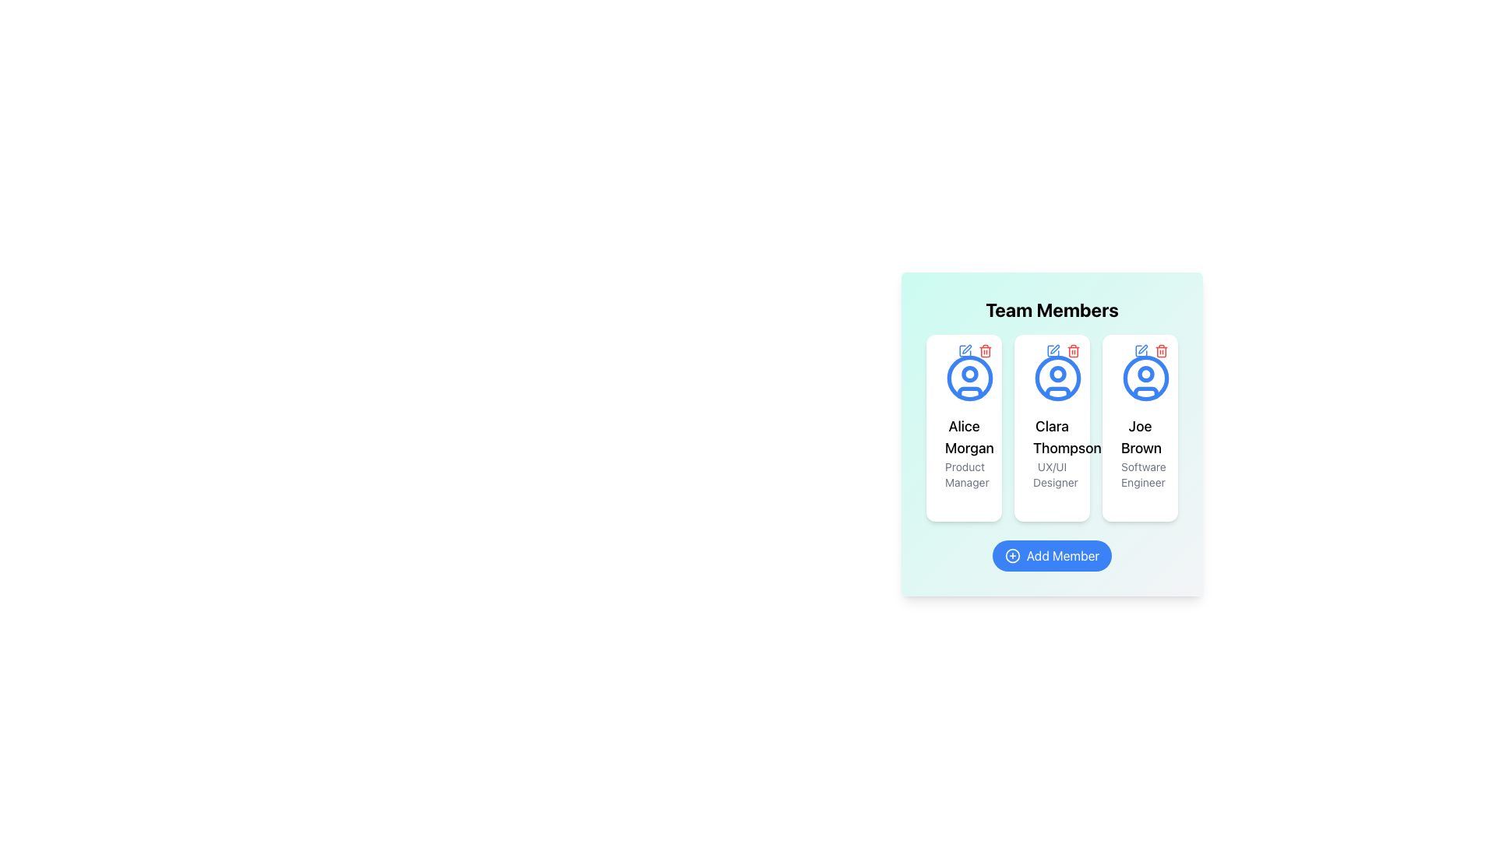 This screenshot has width=1496, height=841. I want to click on the 'Add Member' button icon located at the bottom of the team members card interface, so click(1012, 554).